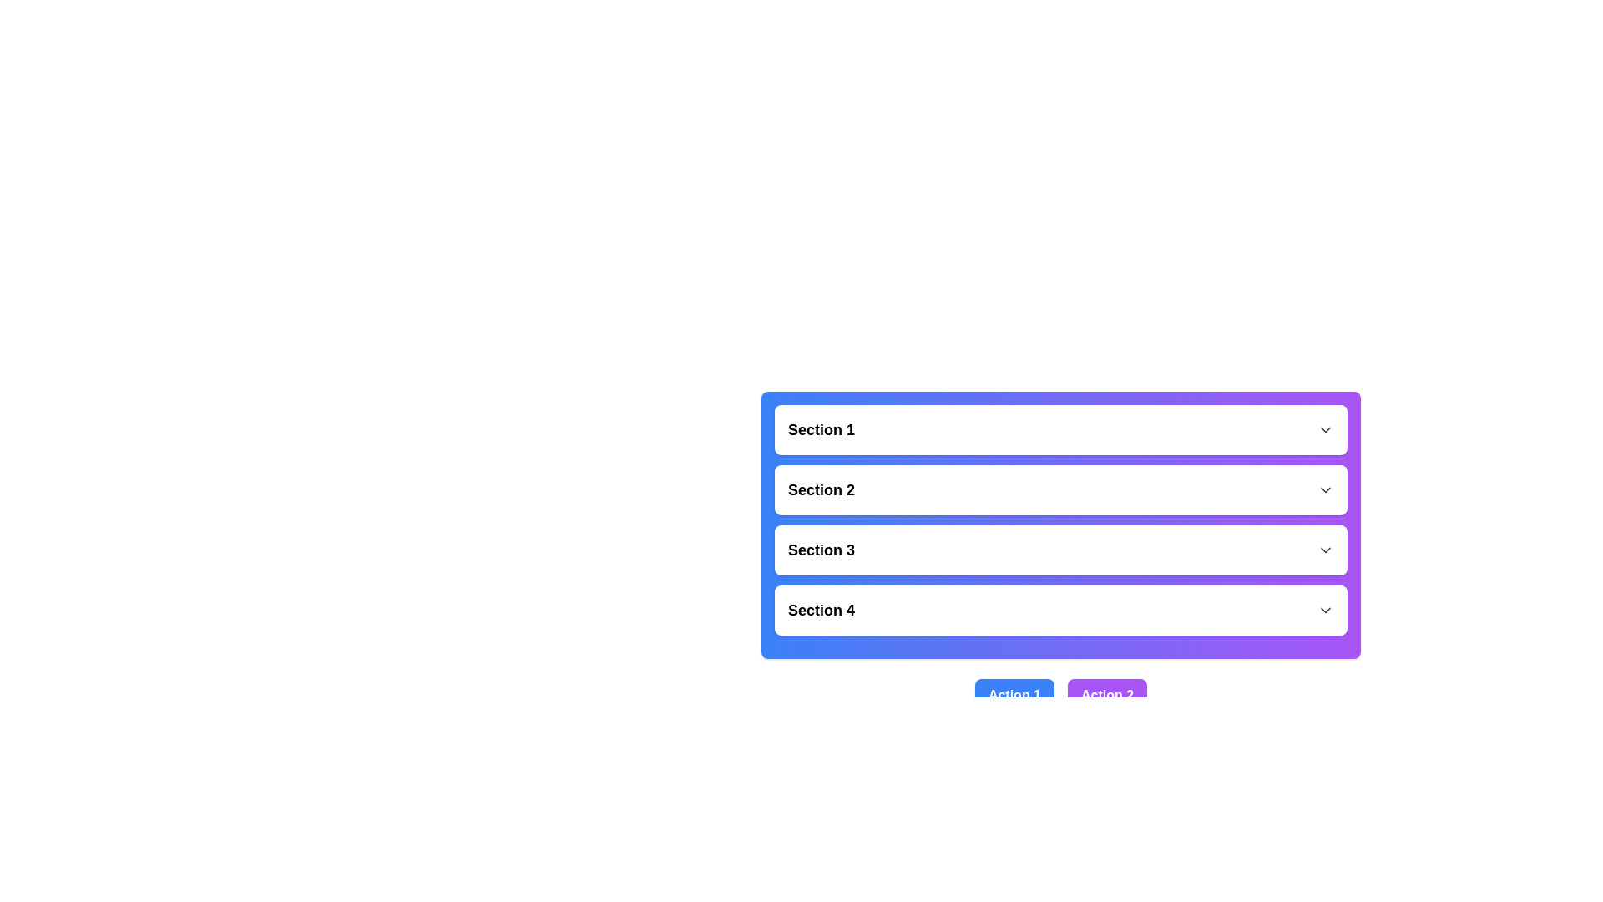 The image size is (1603, 902). I want to click on the Chevron Icon located in the top-right corner of the 'Section 3' section, so click(1325, 550).